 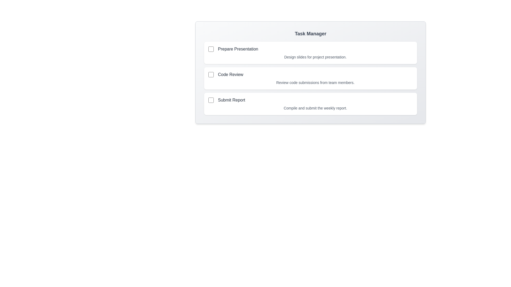 I want to click on the task title Submit Report to select it, so click(x=232, y=100).